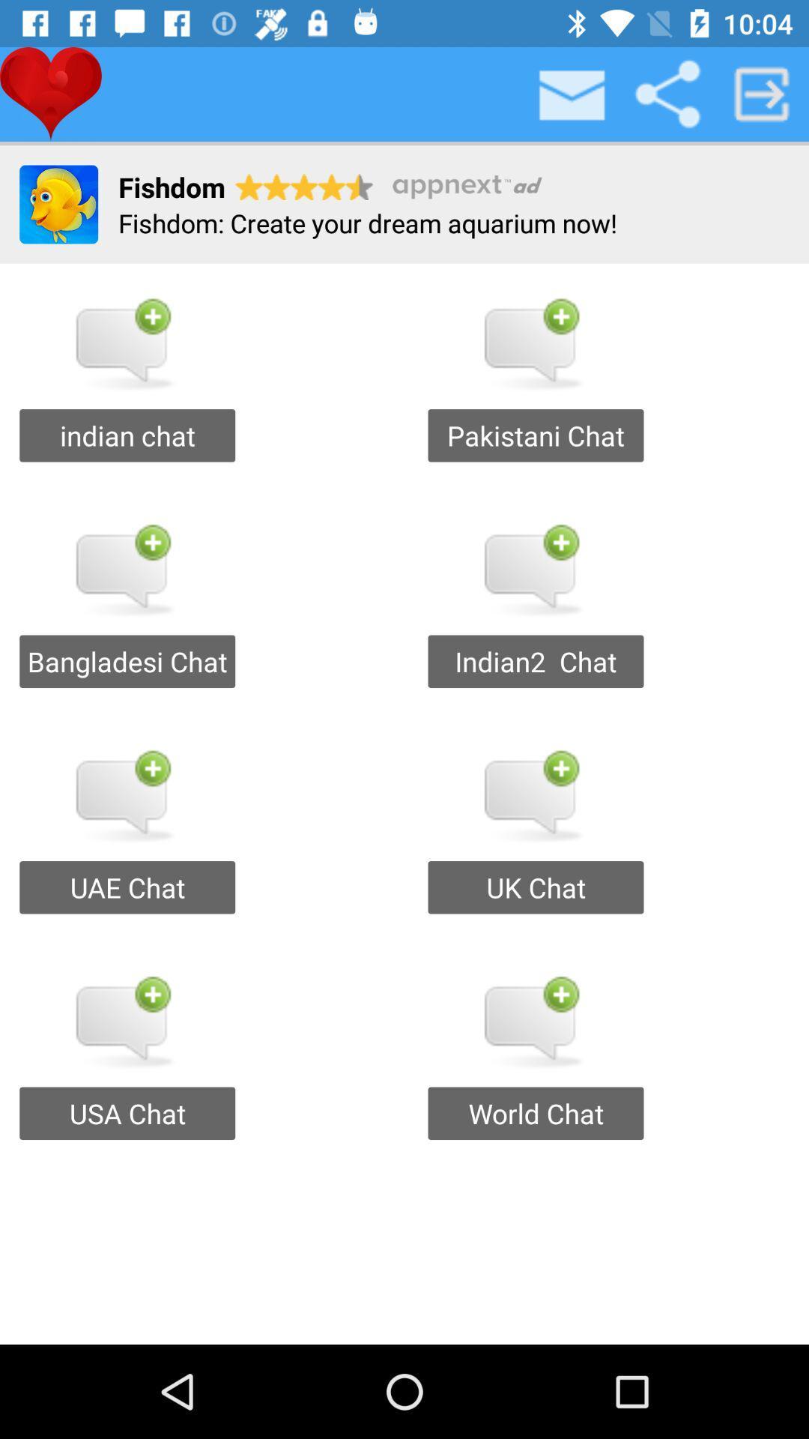  I want to click on the next page, so click(762, 93).